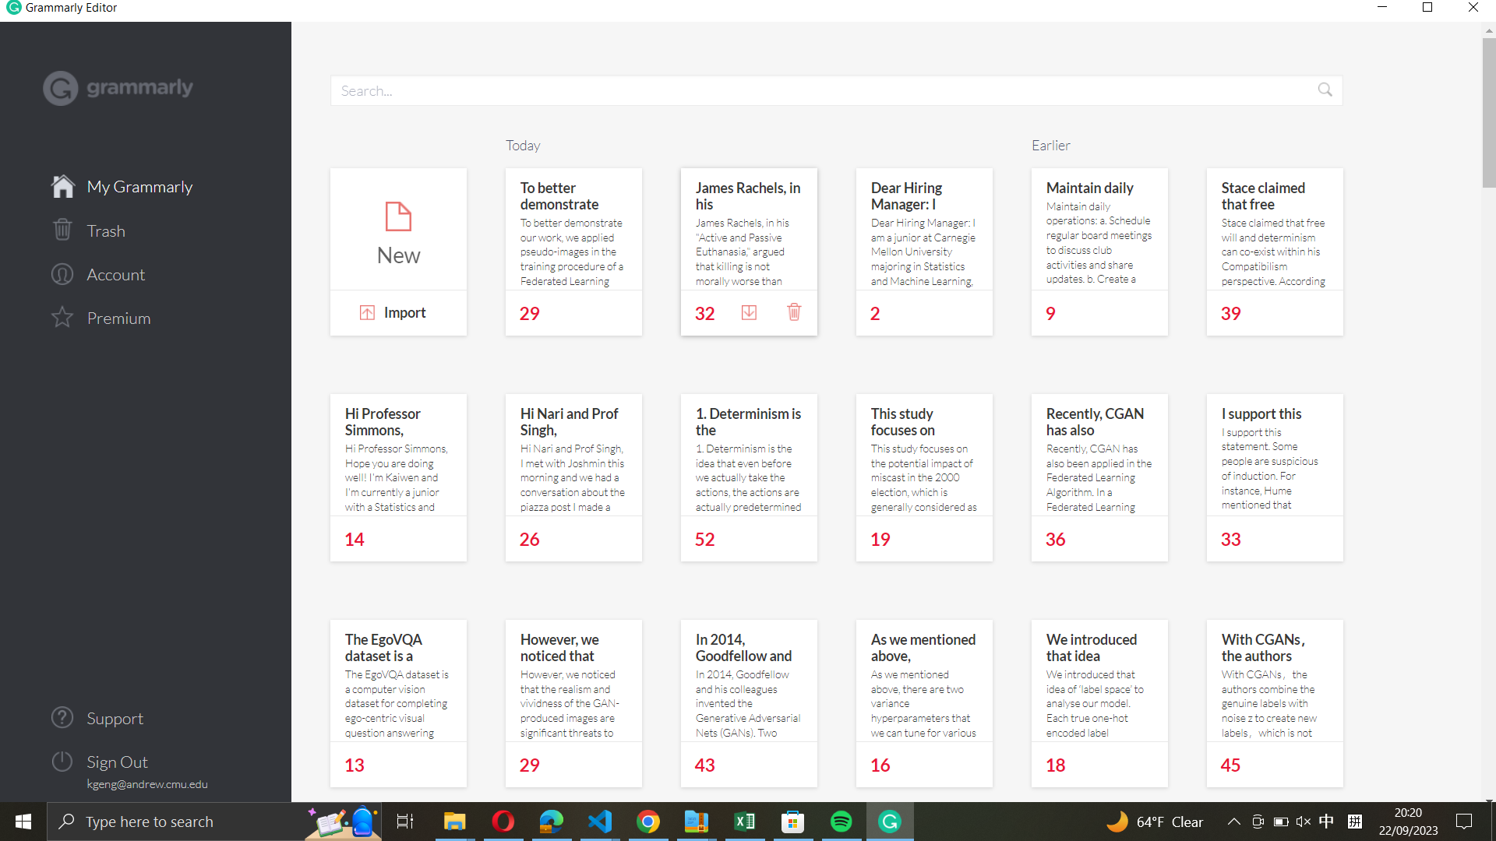  I want to click on the dustbin icon, so click(146, 229).